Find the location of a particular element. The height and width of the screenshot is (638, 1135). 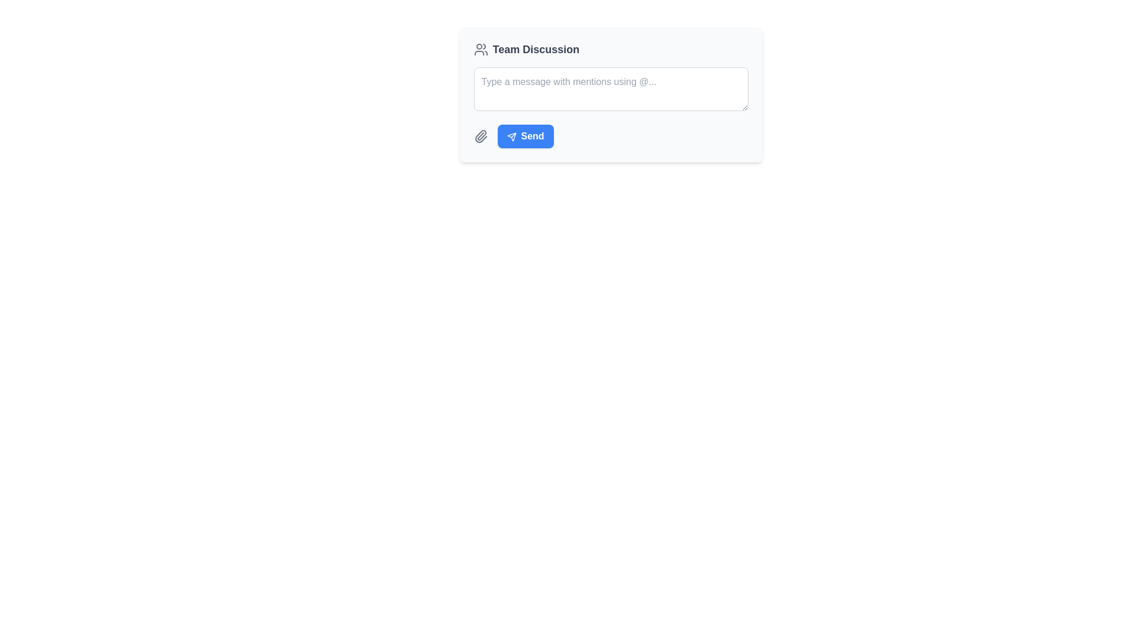

the small gray paperclip icon, which is located to the left of the 'Send' button is located at coordinates (481, 136).